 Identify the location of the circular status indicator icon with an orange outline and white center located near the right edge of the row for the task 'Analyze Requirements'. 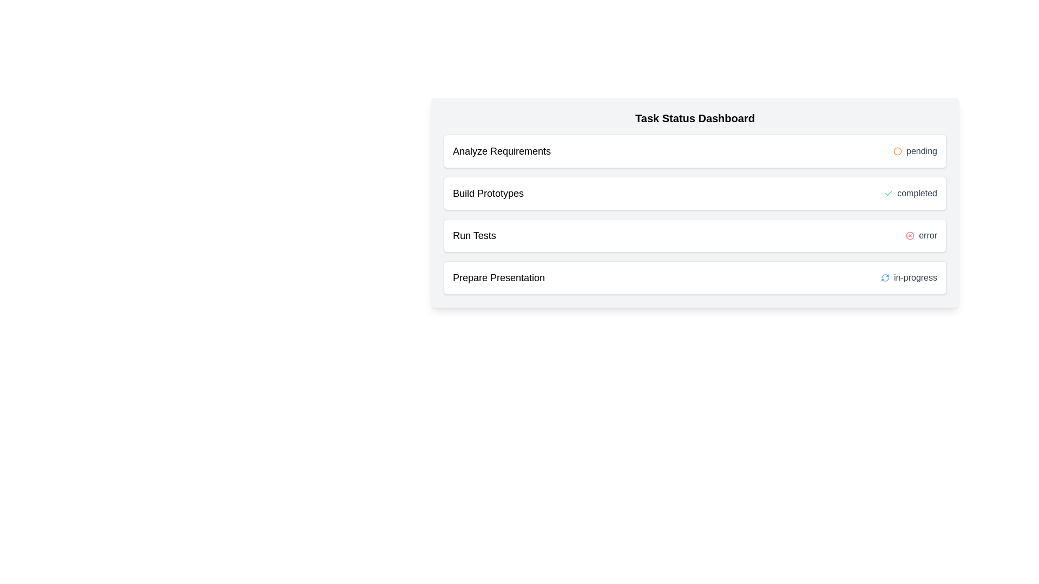
(898, 151).